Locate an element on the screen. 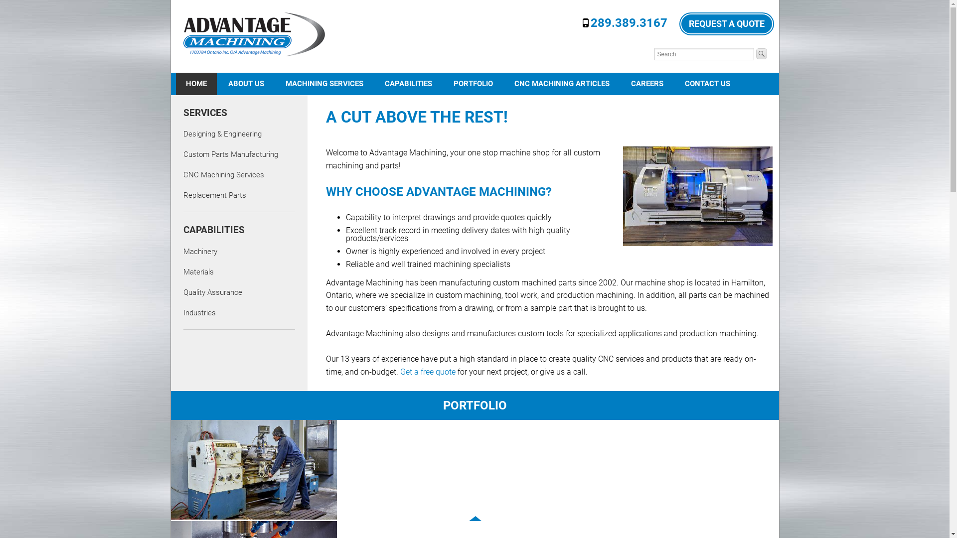 This screenshot has width=957, height=538. 'Materials' is located at coordinates (198, 272).